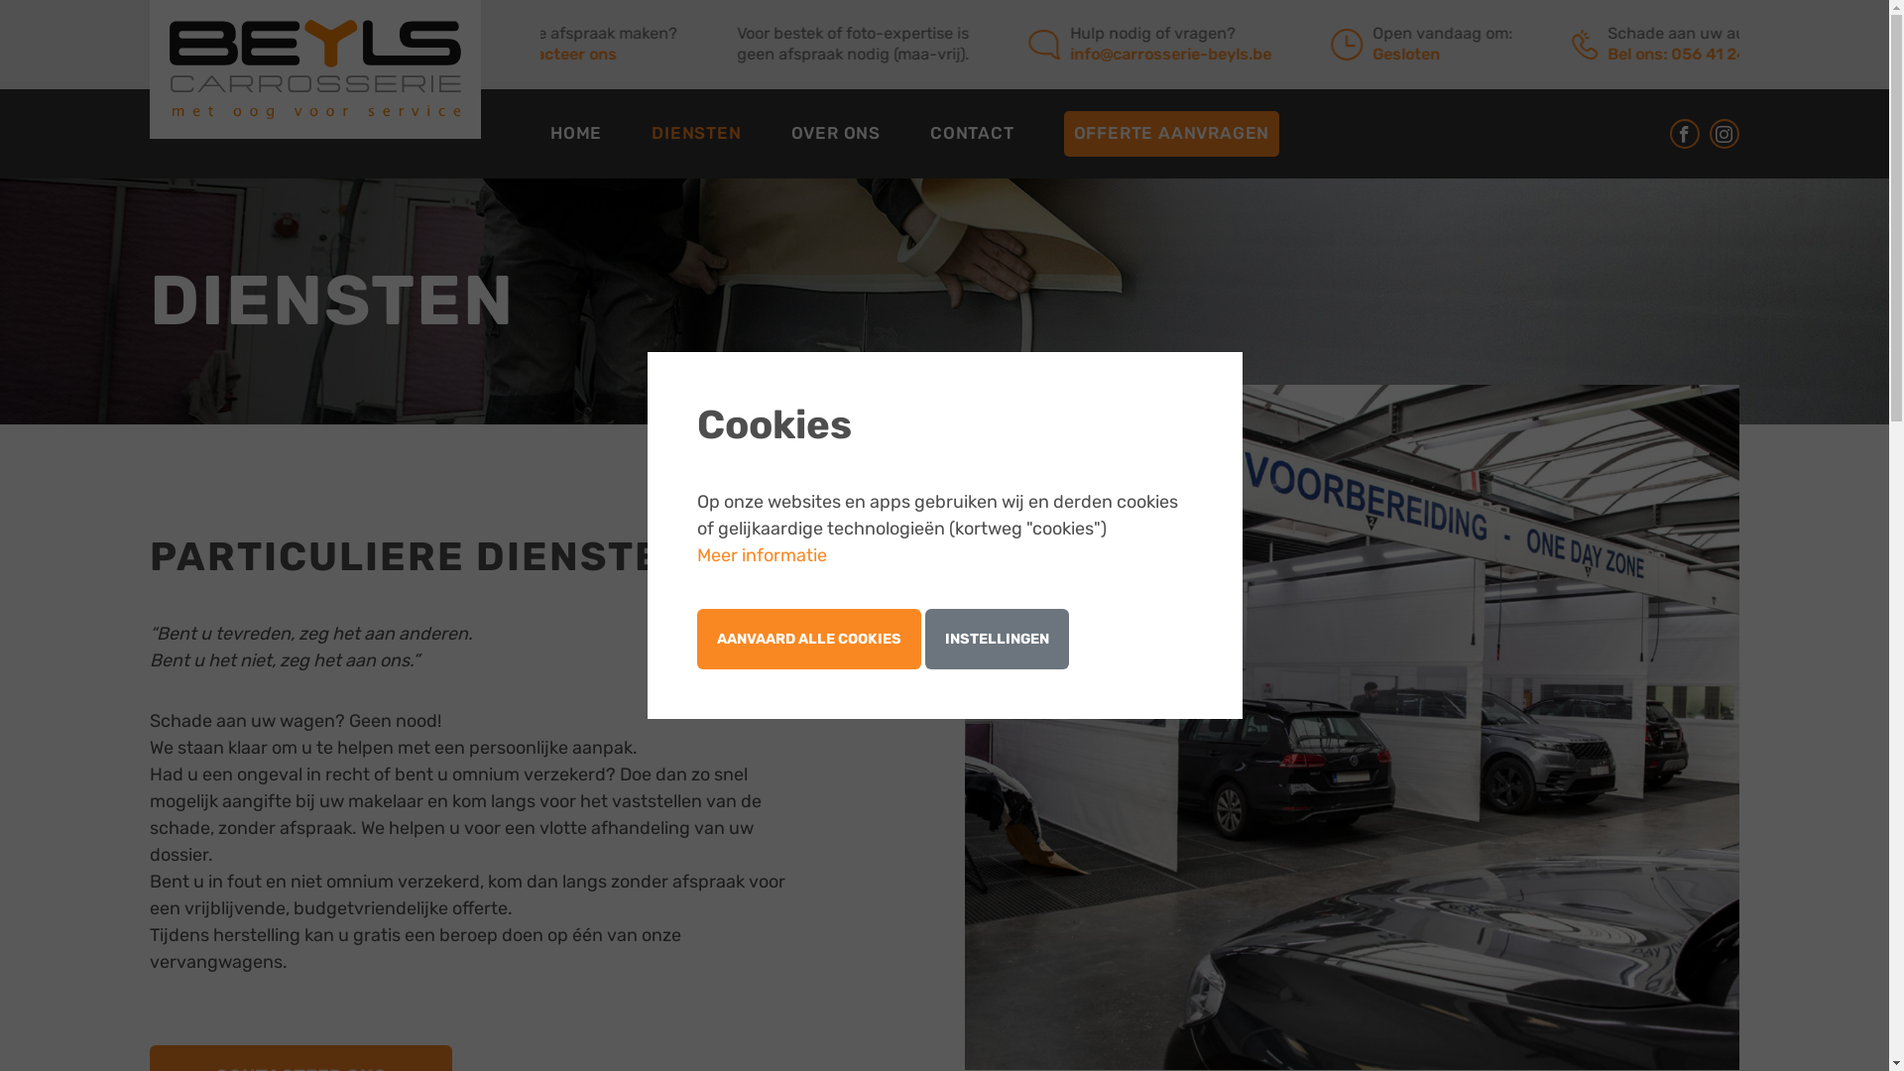 This screenshot has width=1904, height=1071. I want to click on 'info@carrosserie-beyls.be', so click(1206, 53).